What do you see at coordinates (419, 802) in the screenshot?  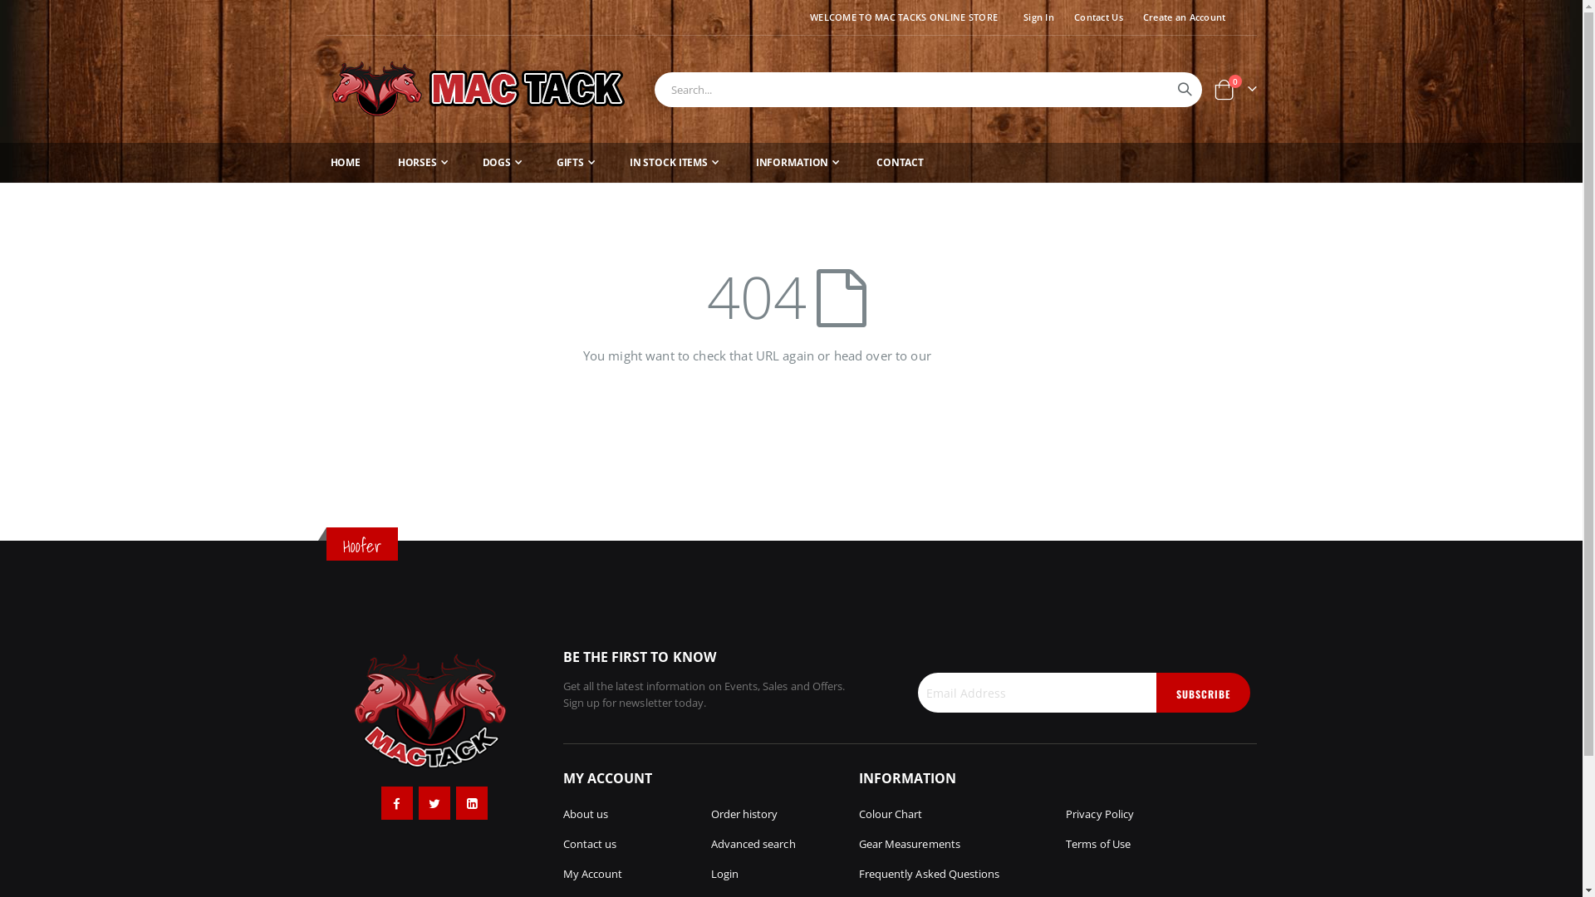 I see `'Twitter'` at bounding box center [419, 802].